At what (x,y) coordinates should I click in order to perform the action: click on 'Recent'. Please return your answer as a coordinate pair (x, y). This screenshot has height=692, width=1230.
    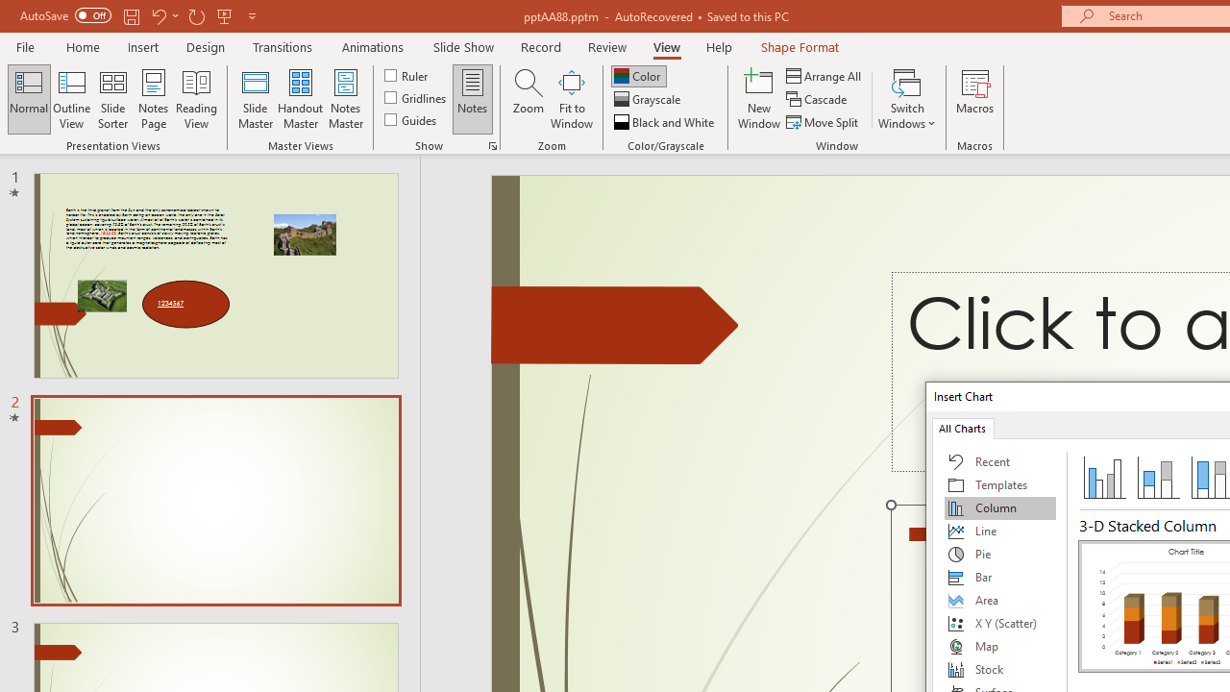
    Looking at the image, I should click on (999, 461).